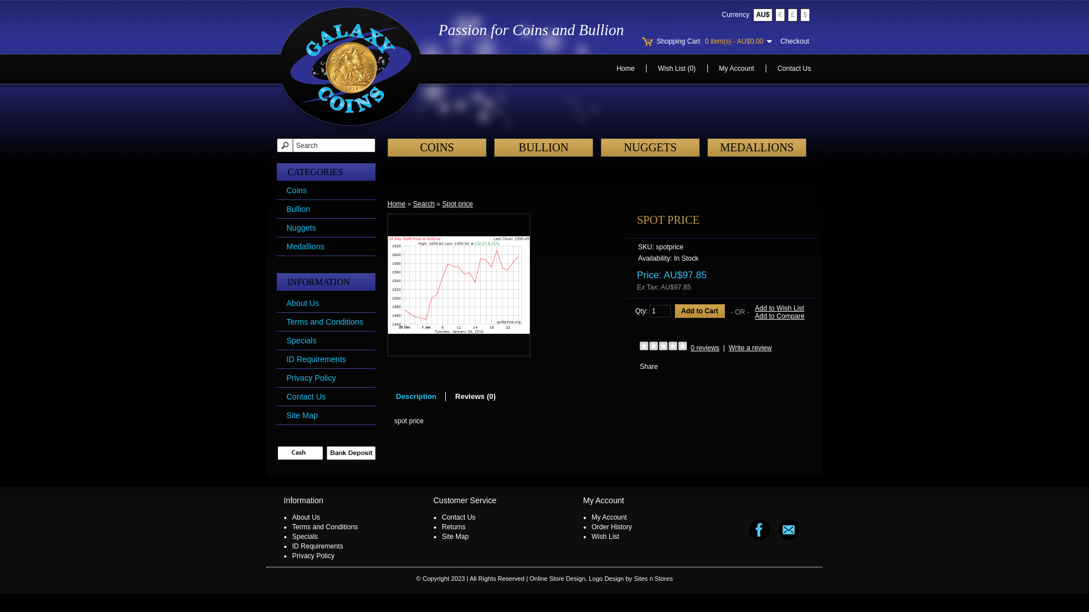 Image resolution: width=1089 pixels, height=612 pixels. What do you see at coordinates (699, 311) in the screenshot?
I see `'Add to Cart'` at bounding box center [699, 311].